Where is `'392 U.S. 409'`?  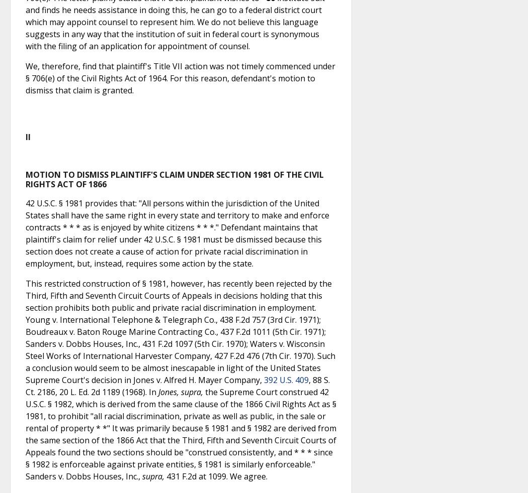
'392 U.S. 409' is located at coordinates (286, 380).